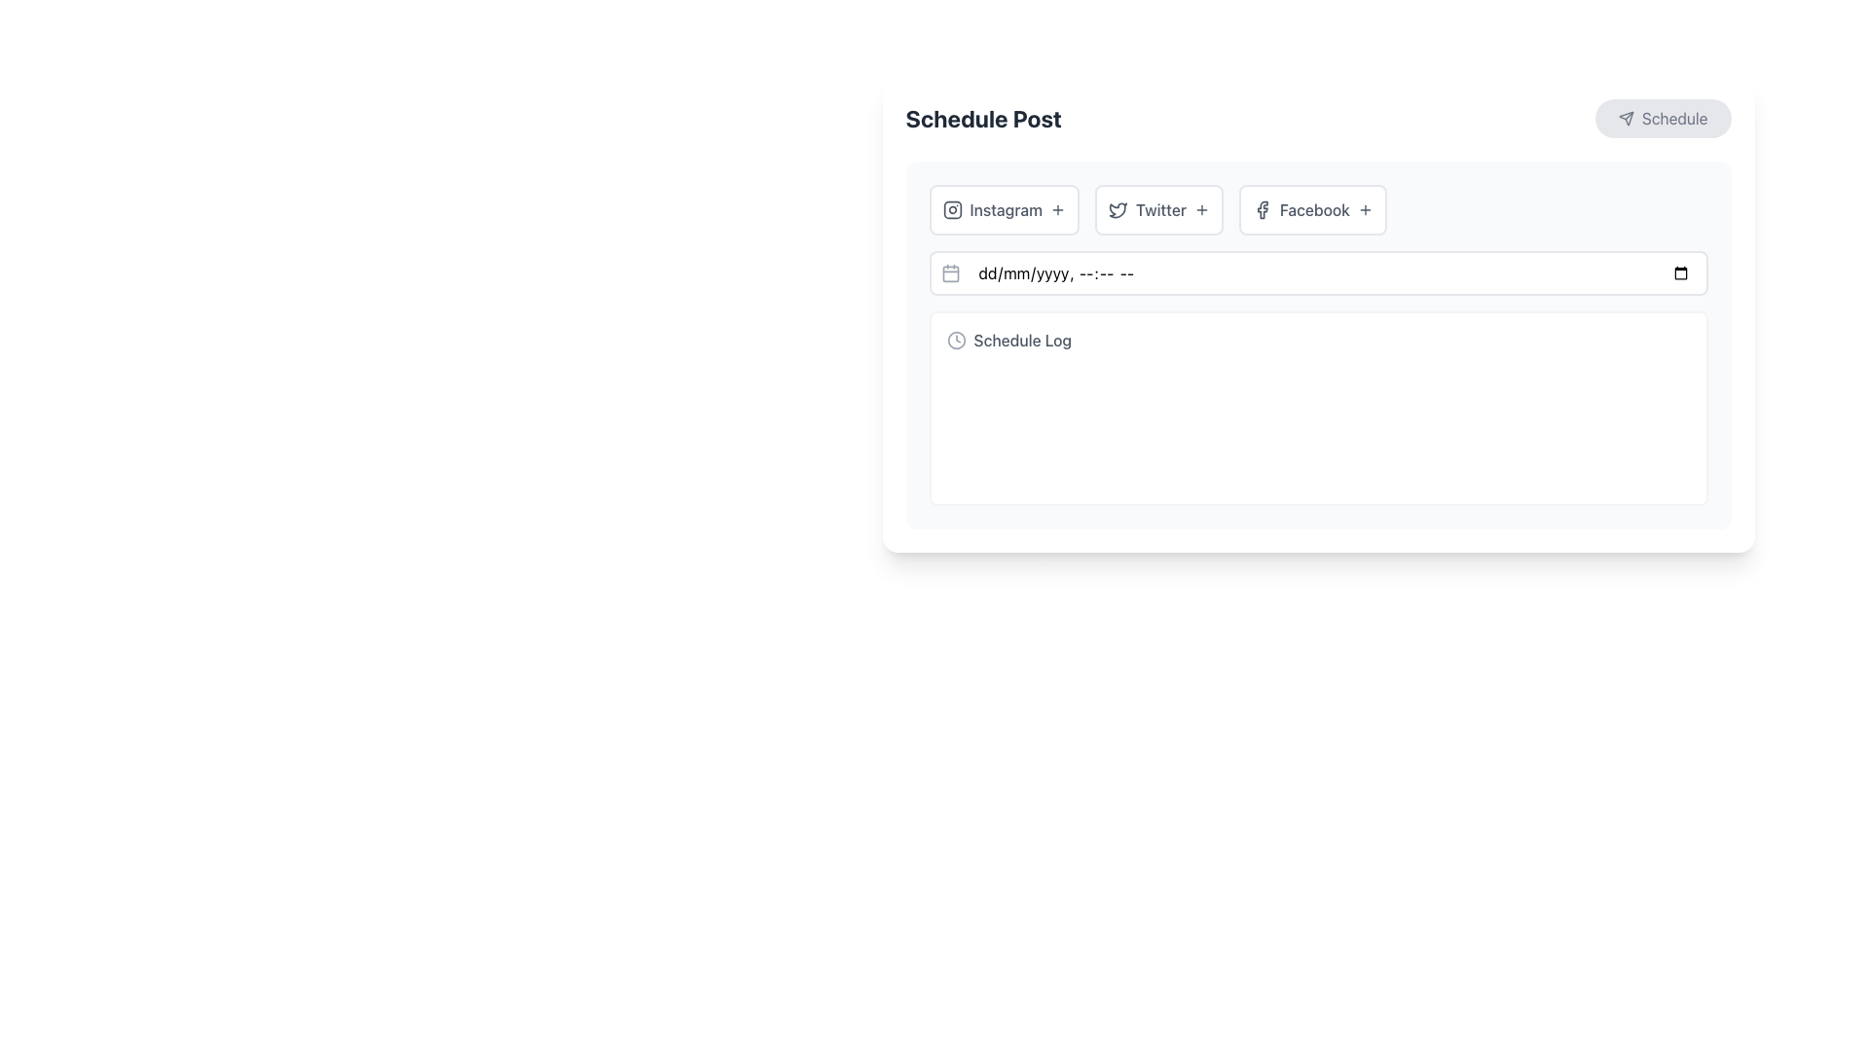 This screenshot has width=1869, height=1051. I want to click on the Instagram icon located in the top-left section of the 'Schedule Post' interface, which is positioned within the button labeled 'Instagram', so click(952, 210).